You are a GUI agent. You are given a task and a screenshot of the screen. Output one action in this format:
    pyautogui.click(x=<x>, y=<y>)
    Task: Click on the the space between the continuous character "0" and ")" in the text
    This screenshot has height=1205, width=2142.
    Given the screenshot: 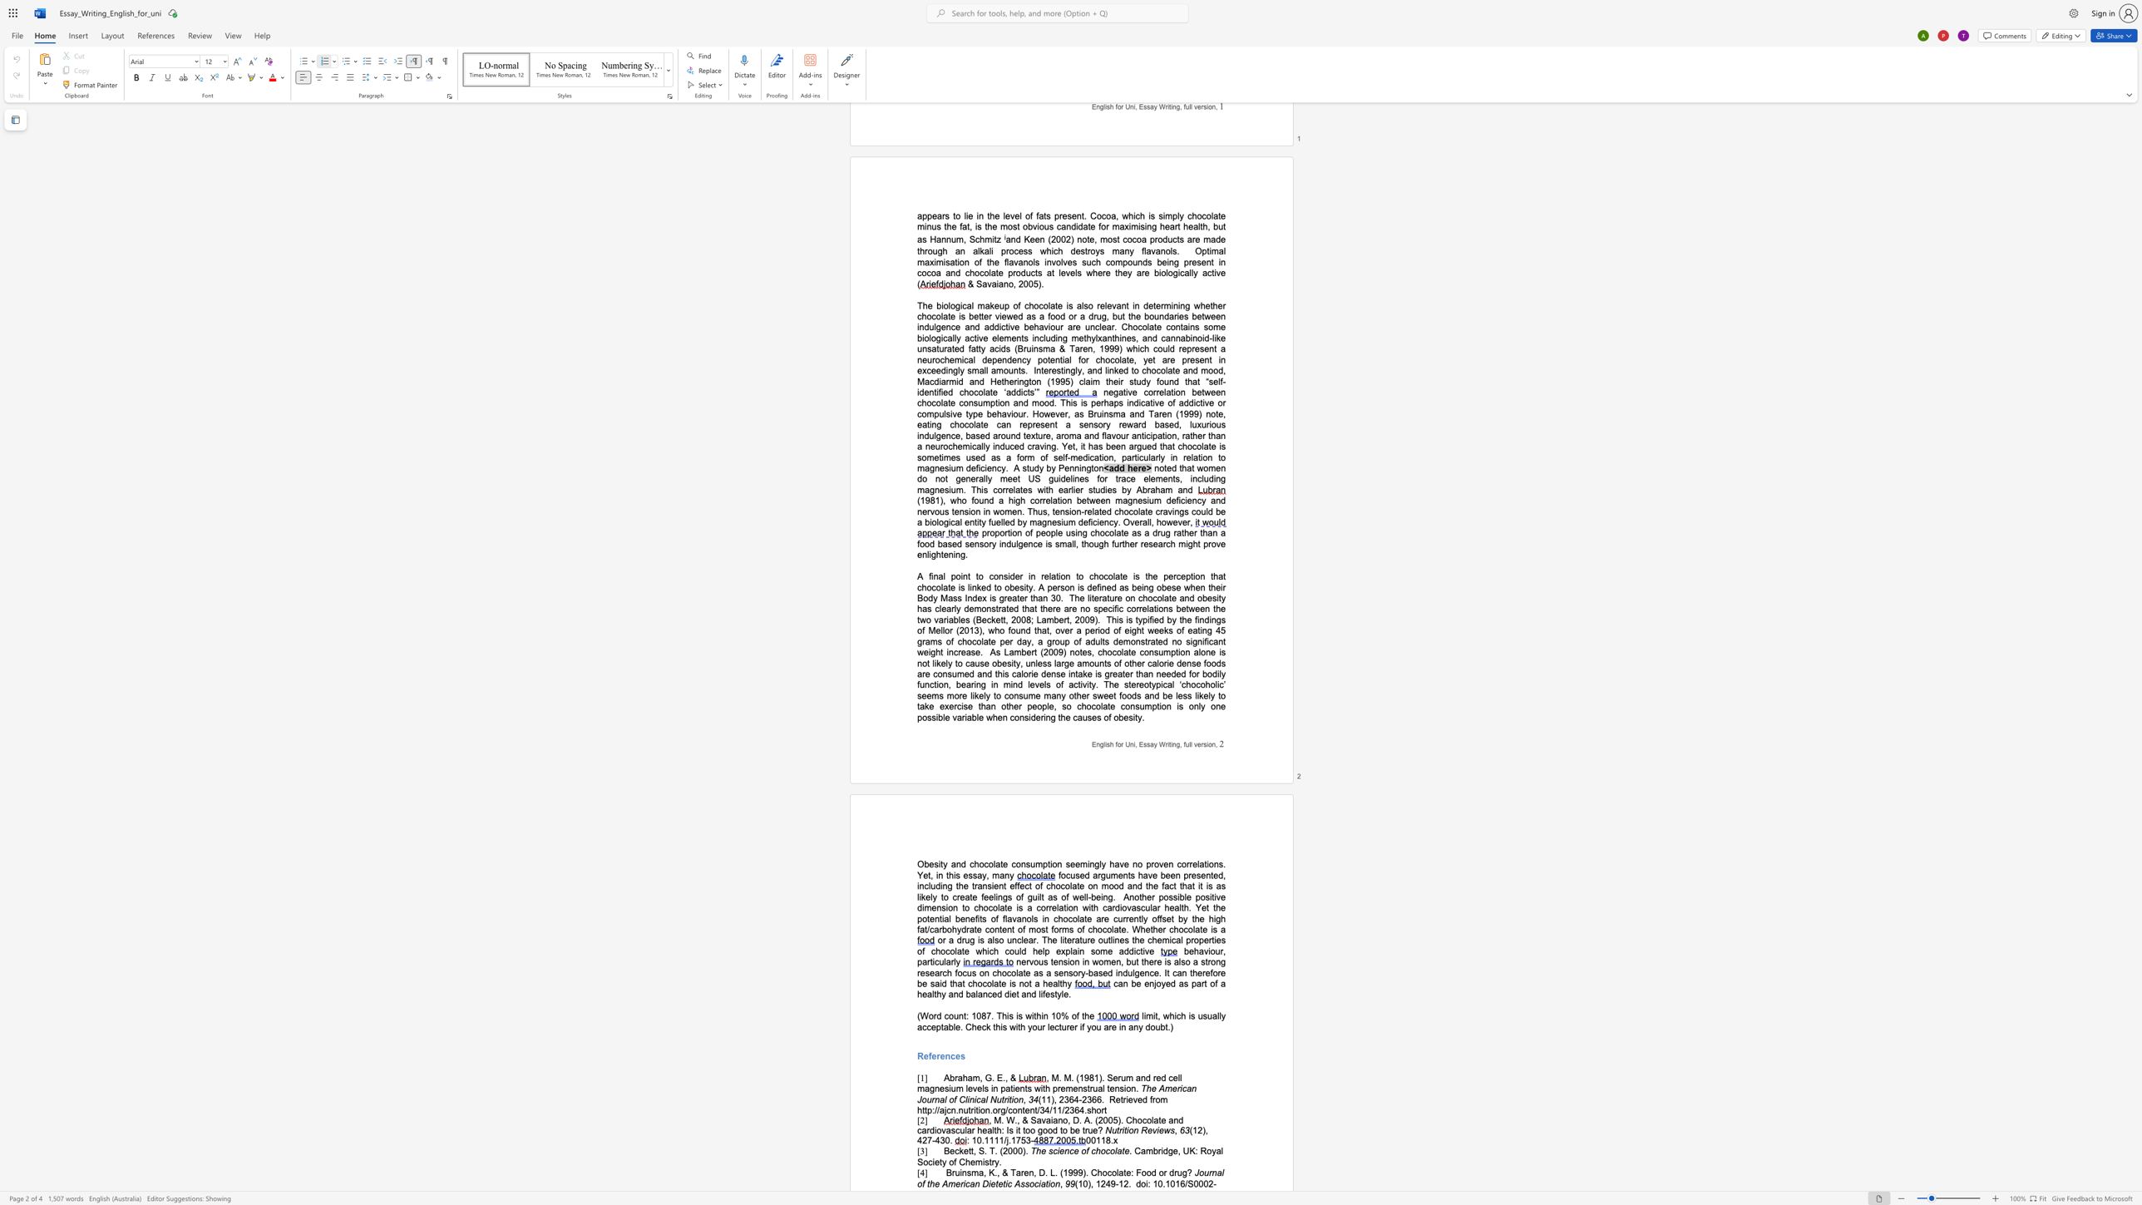 What is the action you would take?
    pyautogui.click(x=1087, y=1183)
    